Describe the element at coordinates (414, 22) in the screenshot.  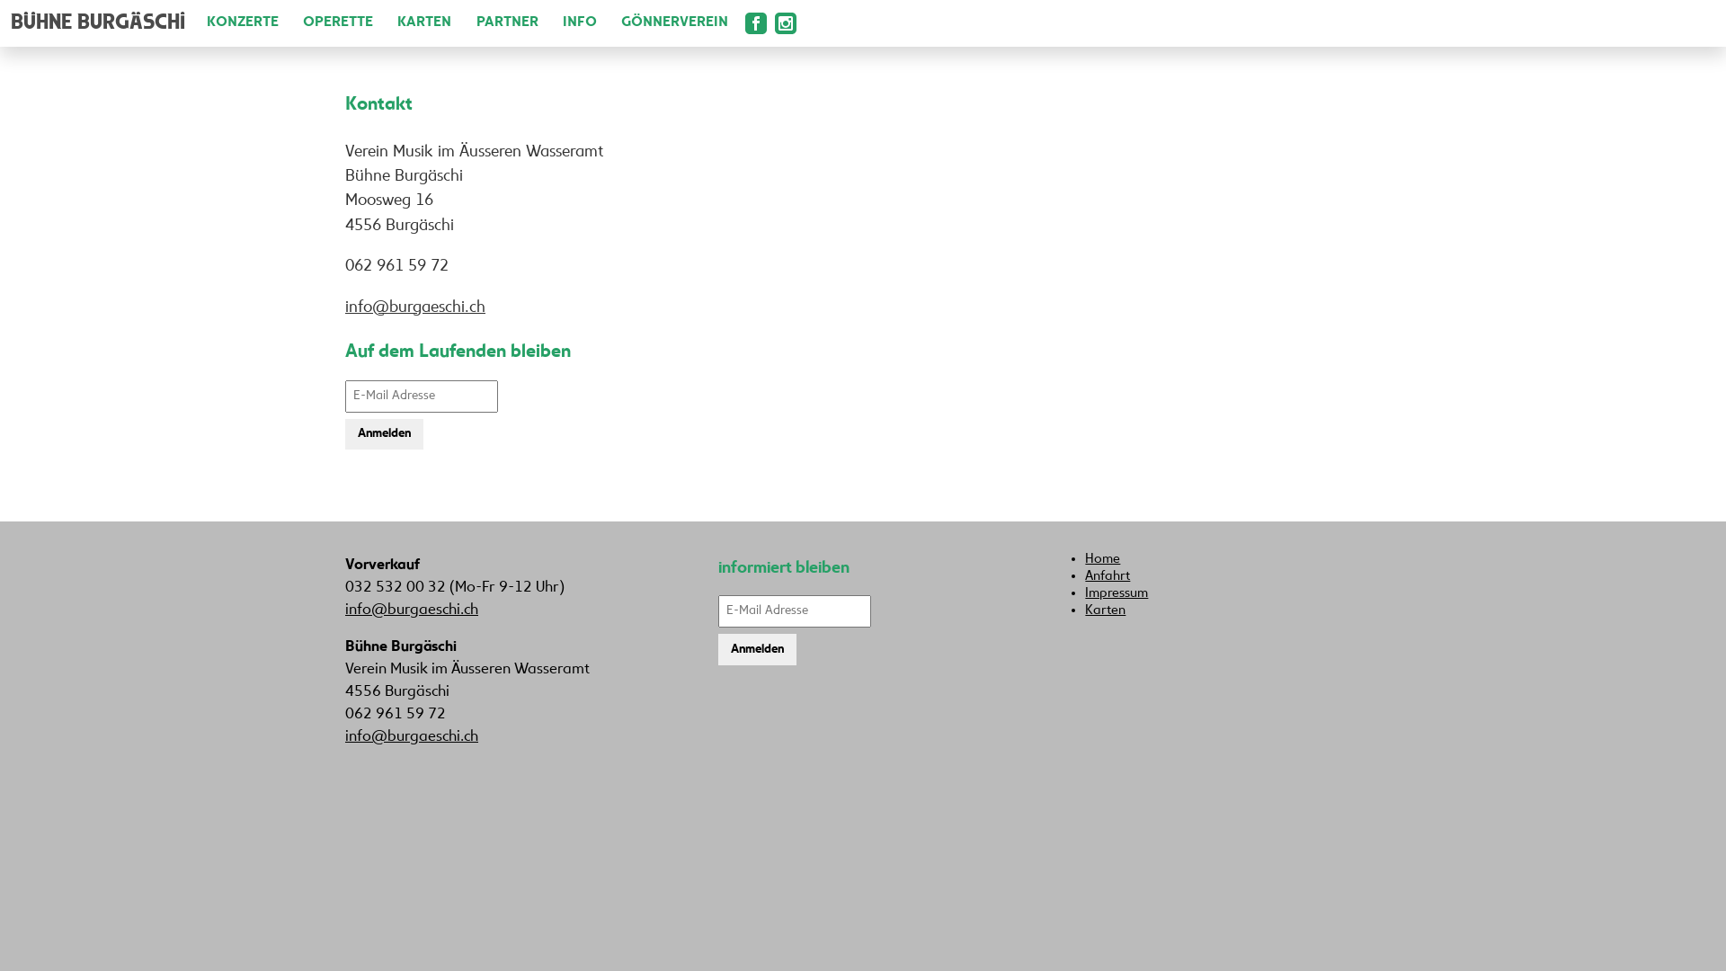
I see `'KARTEN'` at that location.